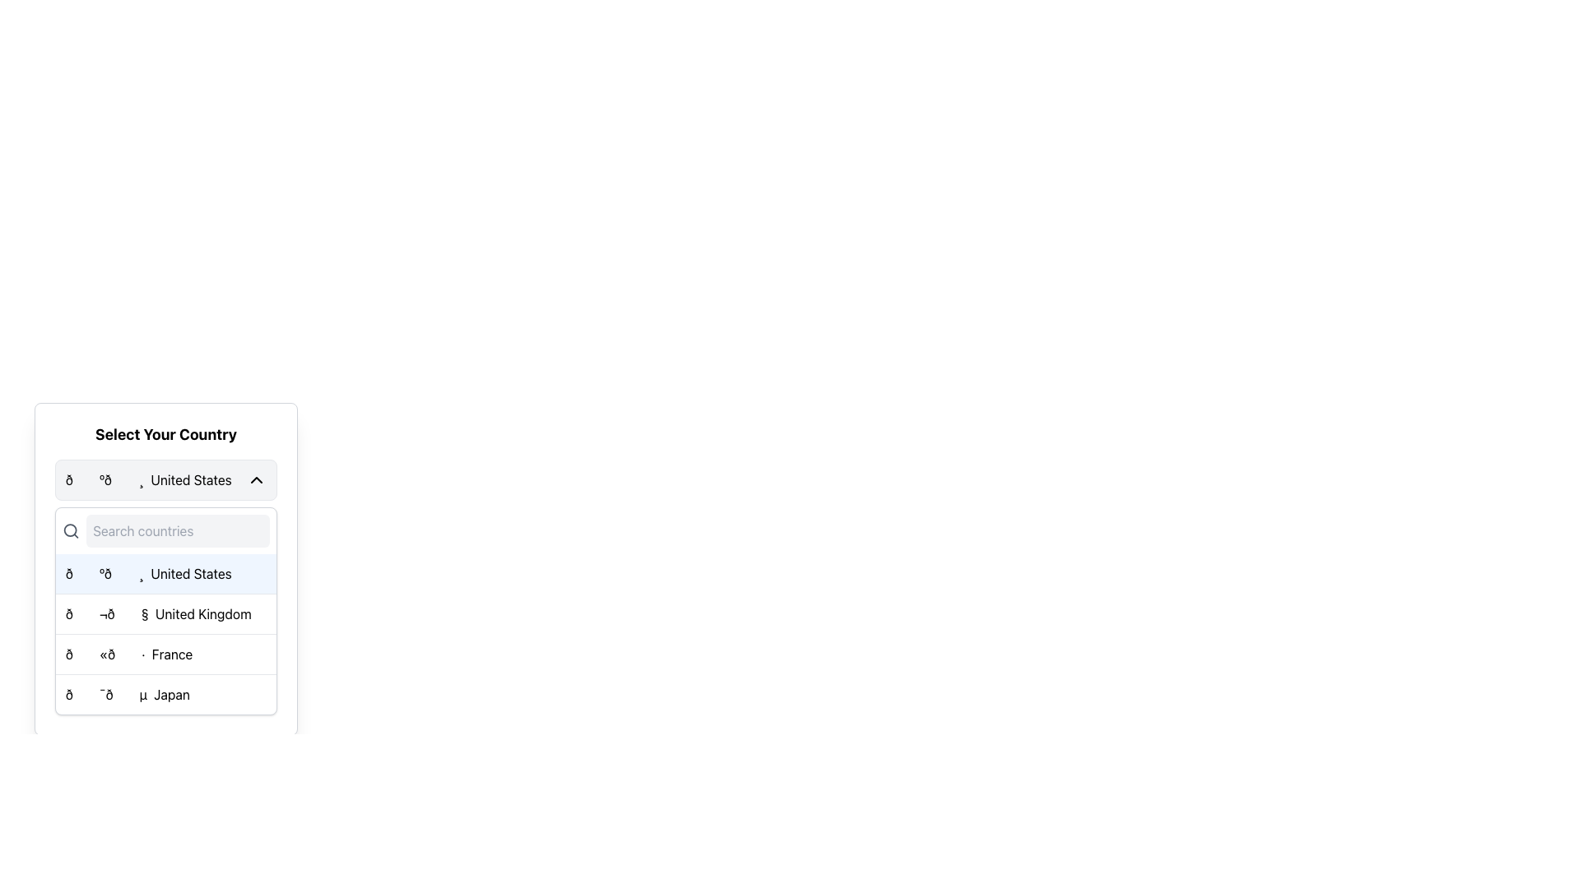 The width and height of the screenshot is (1580, 888). I want to click on the leading two-character emoji symbol located to the left of the text 'United States' within the country selection list, so click(104, 573).